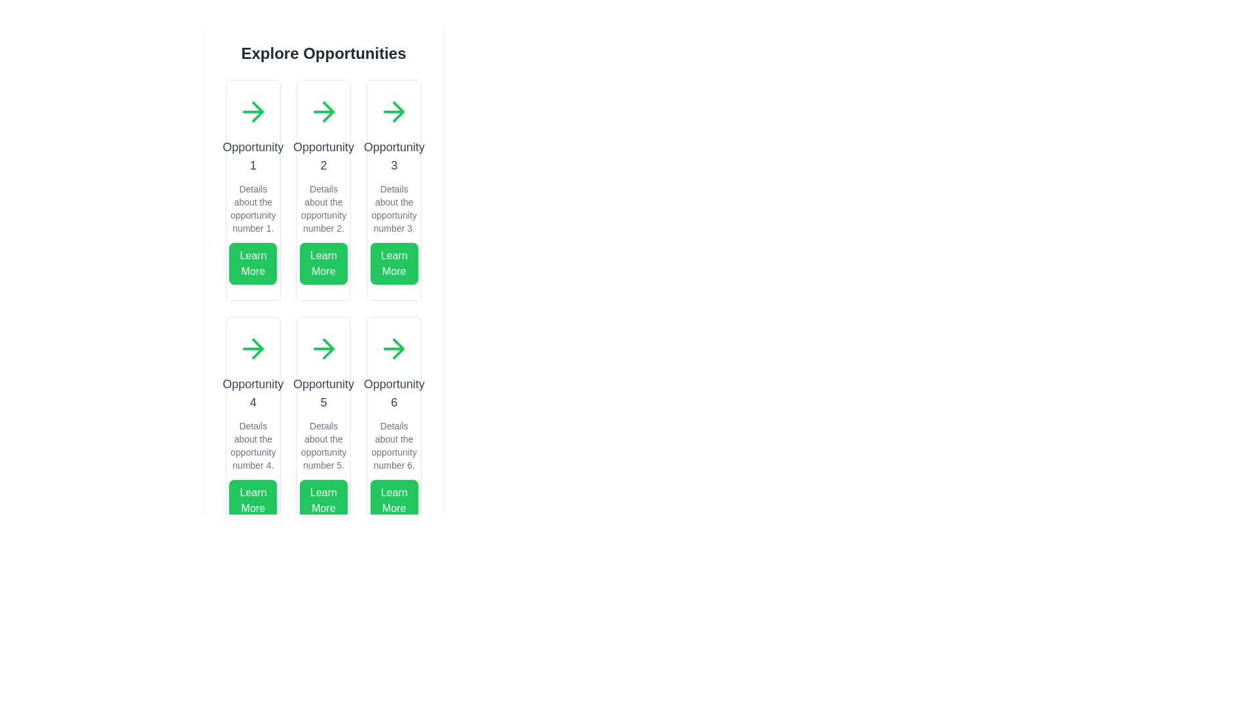  I want to click on the green right arrow icon located in the Opportunity 5 card, which is positioned above the text 'Details about the opportunity number 5.', so click(323, 348).